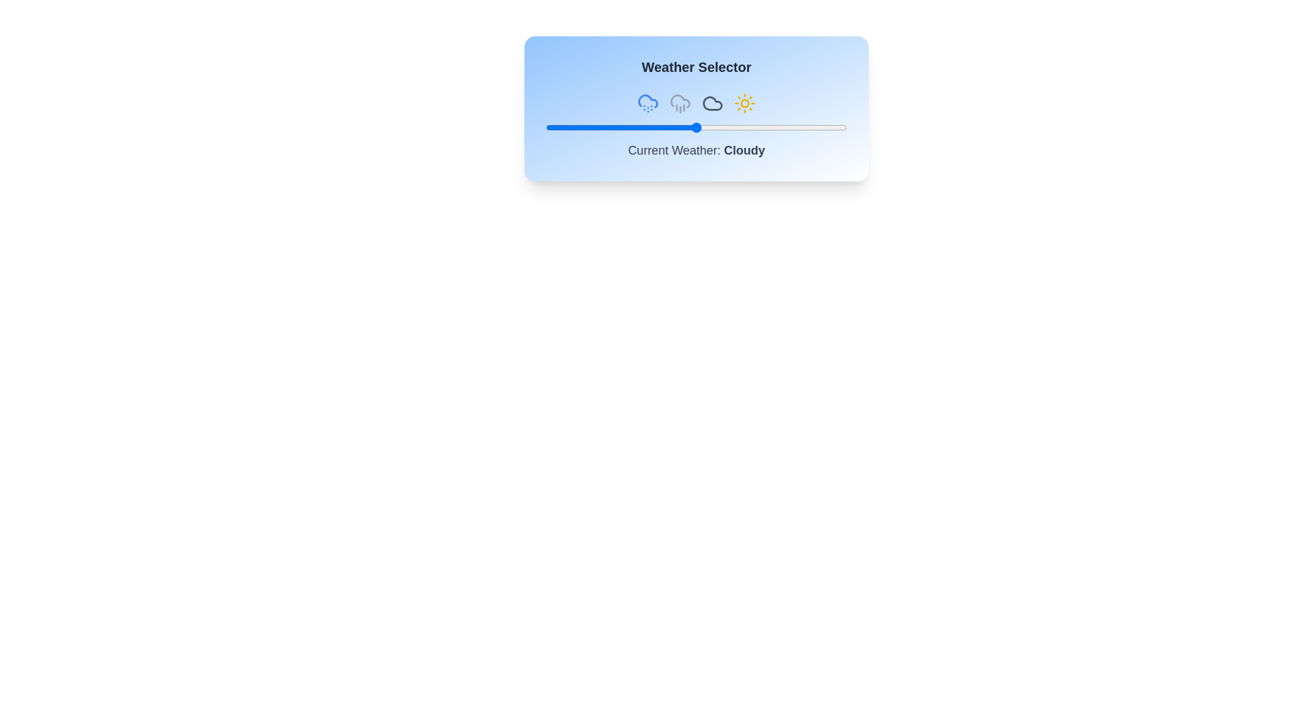 The height and width of the screenshot is (726, 1291). What do you see at coordinates (641, 127) in the screenshot?
I see `the slider to set the weather value to 32` at bounding box center [641, 127].